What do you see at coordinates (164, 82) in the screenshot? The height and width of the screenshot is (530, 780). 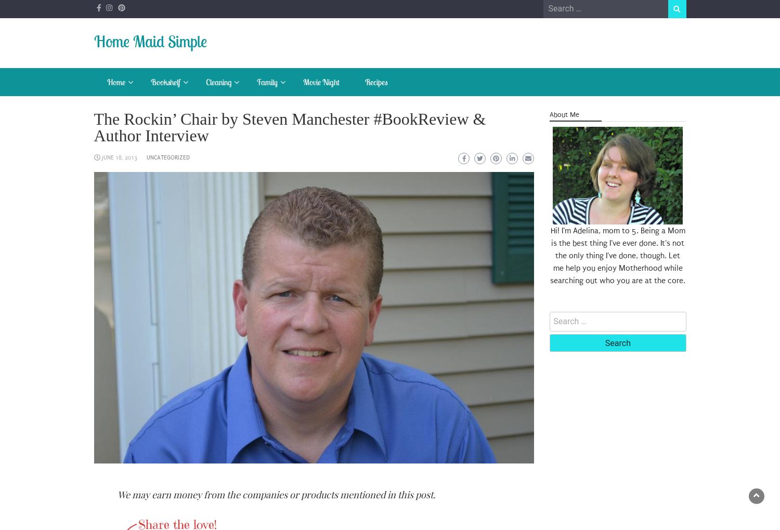 I see `'Bookshelf'` at bounding box center [164, 82].